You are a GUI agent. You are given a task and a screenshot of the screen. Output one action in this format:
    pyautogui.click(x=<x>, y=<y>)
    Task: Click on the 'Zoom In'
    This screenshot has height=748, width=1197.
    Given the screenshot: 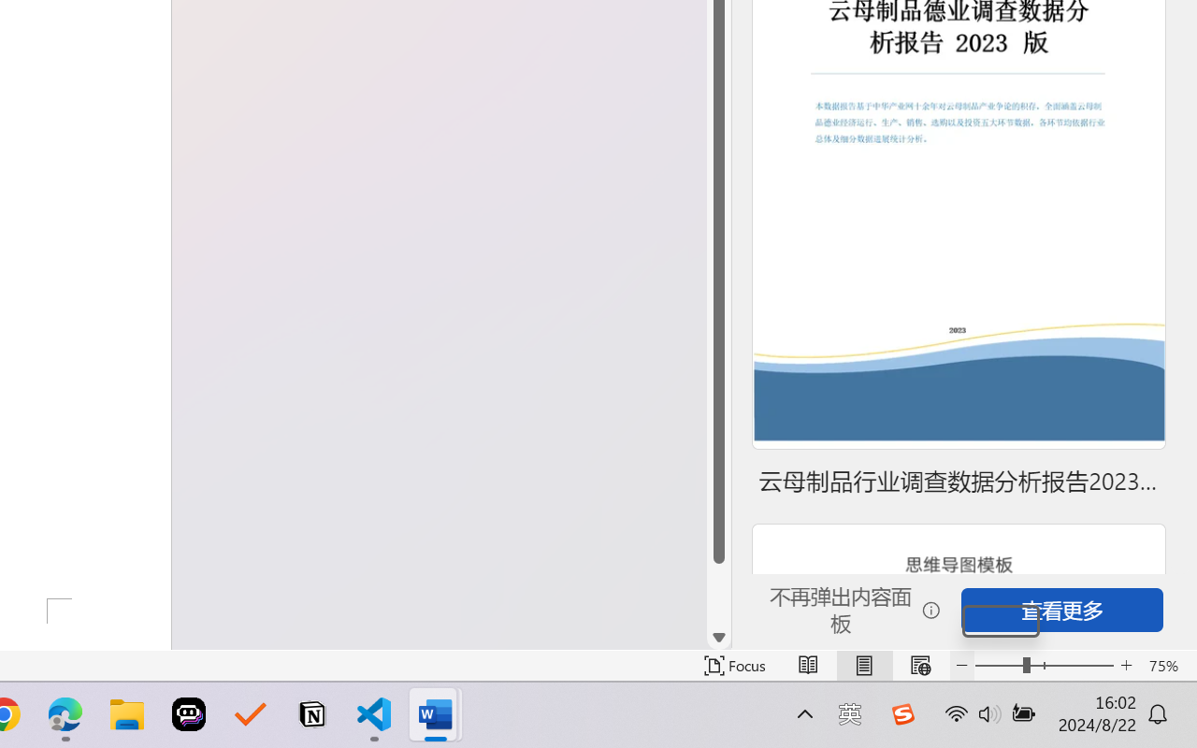 What is the action you would take?
    pyautogui.click(x=1126, y=665)
    